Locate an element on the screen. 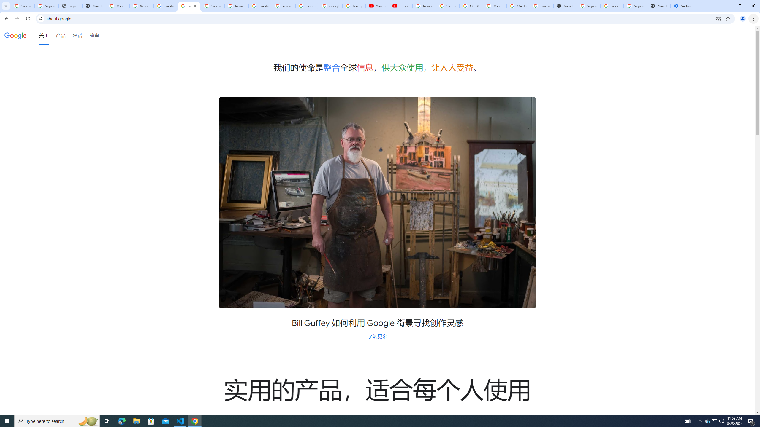 The height and width of the screenshot is (427, 760). 'Subscriptions - YouTube' is located at coordinates (400, 6).